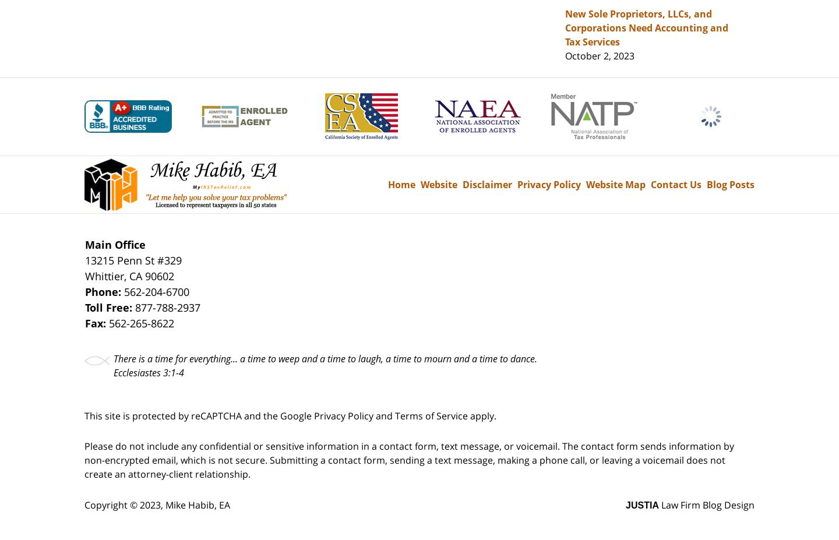 The image size is (839, 540). Describe the element at coordinates (159, 275) in the screenshot. I see `'90602'` at that location.